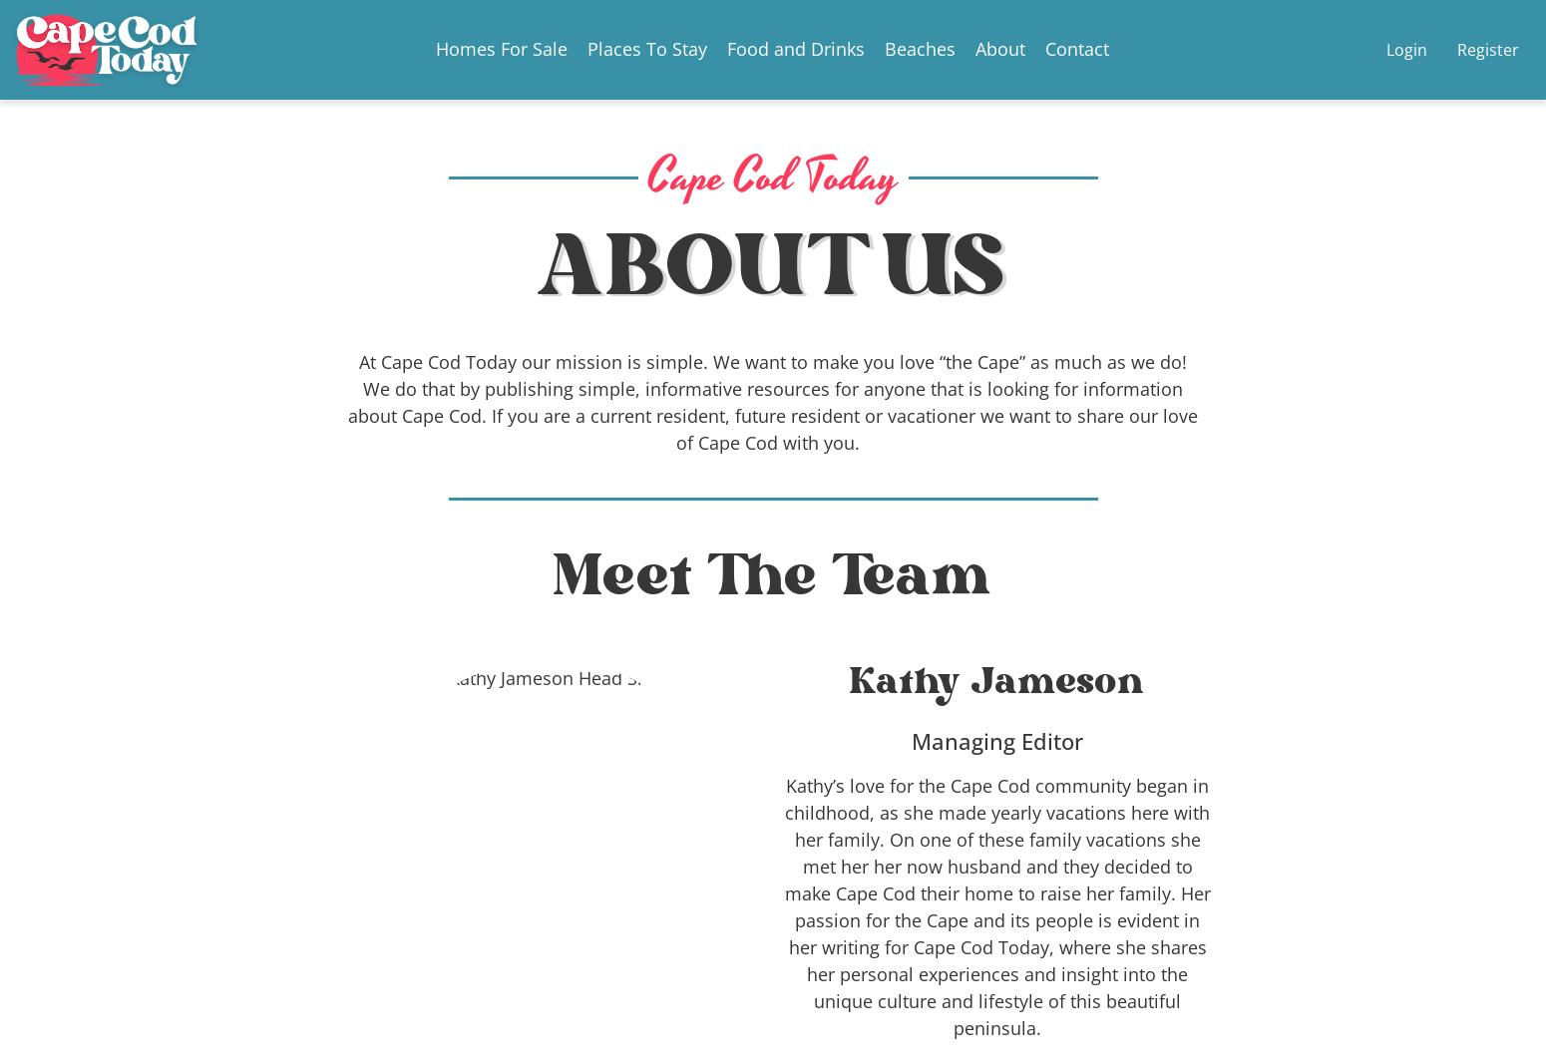  What do you see at coordinates (295, 733) in the screenshot?
I see `'21 Best Things To Do In Falmouth Right Now (Local Secrets Revealed)'` at bounding box center [295, 733].